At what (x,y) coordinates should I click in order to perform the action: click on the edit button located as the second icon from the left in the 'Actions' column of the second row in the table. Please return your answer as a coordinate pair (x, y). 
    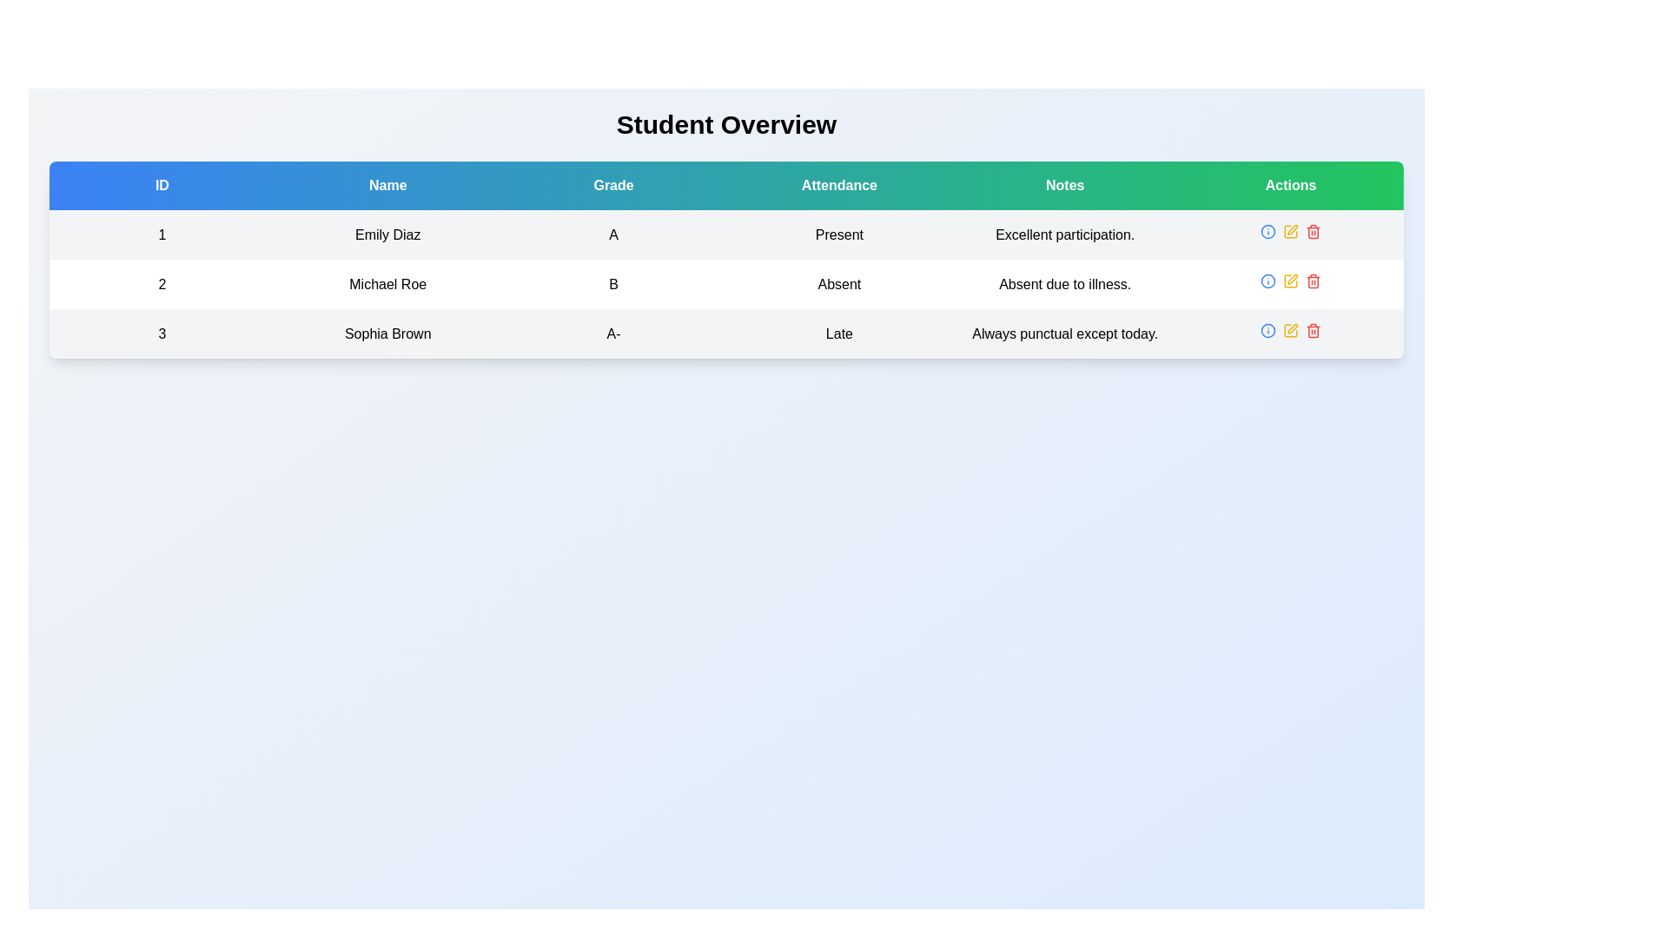
    Looking at the image, I should click on (1291, 281).